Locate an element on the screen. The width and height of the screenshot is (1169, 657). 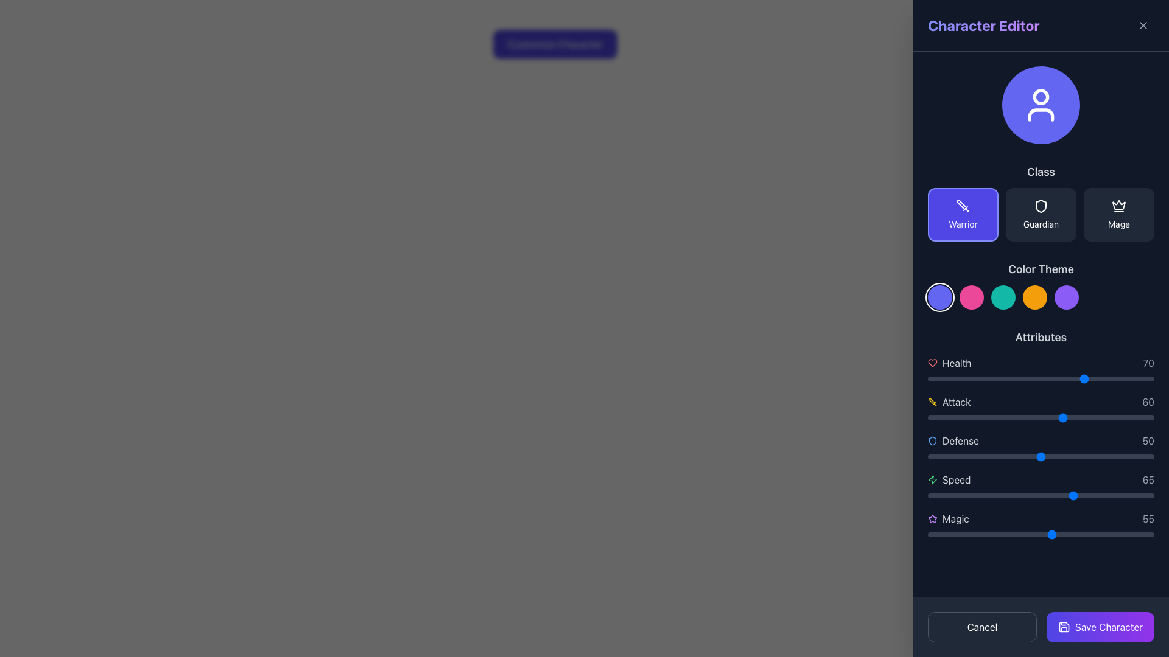
the circular purple button, which is the fifth and last element in the 'Color Theme' section is located at coordinates (1066, 297).